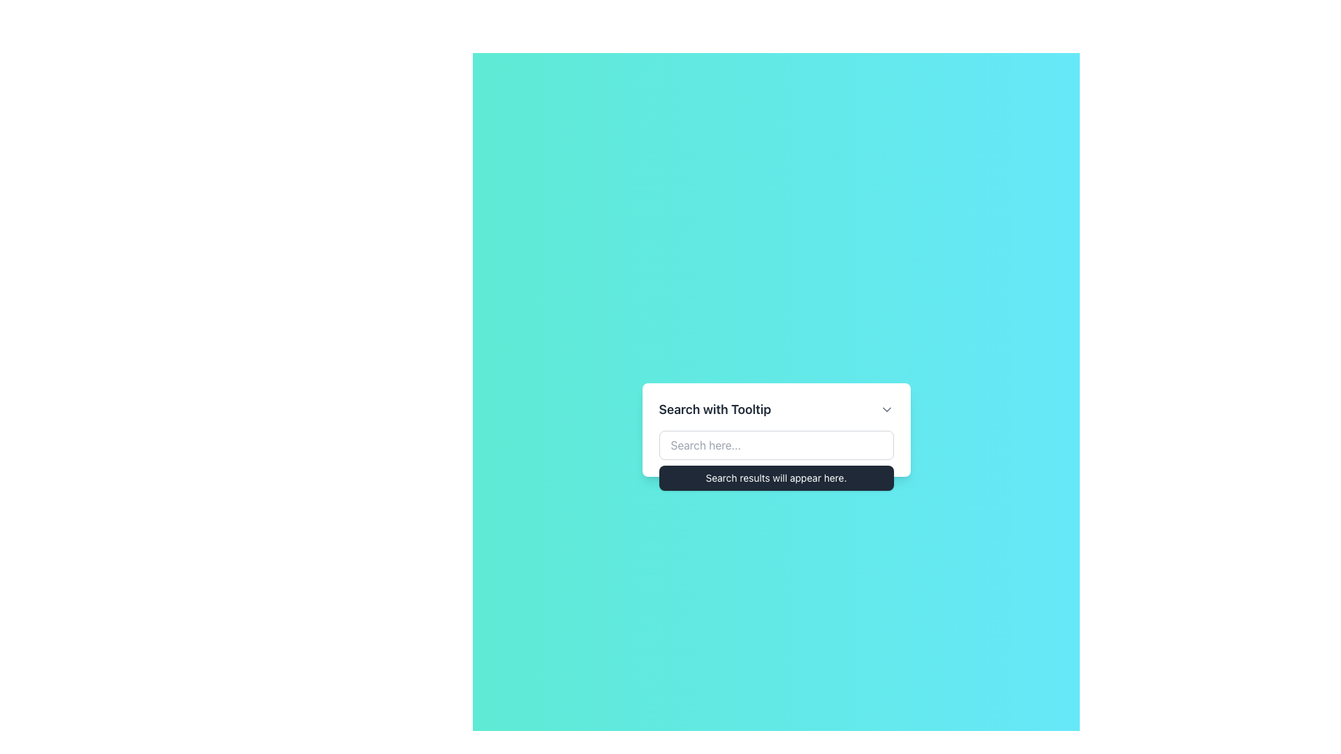 Image resolution: width=1341 pixels, height=754 pixels. Describe the element at coordinates (775, 478) in the screenshot. I see `the tooltip with the message 'Search results will appear here.' which is styled with a dark gray background and white text, located immediately below the search bar` at that location.